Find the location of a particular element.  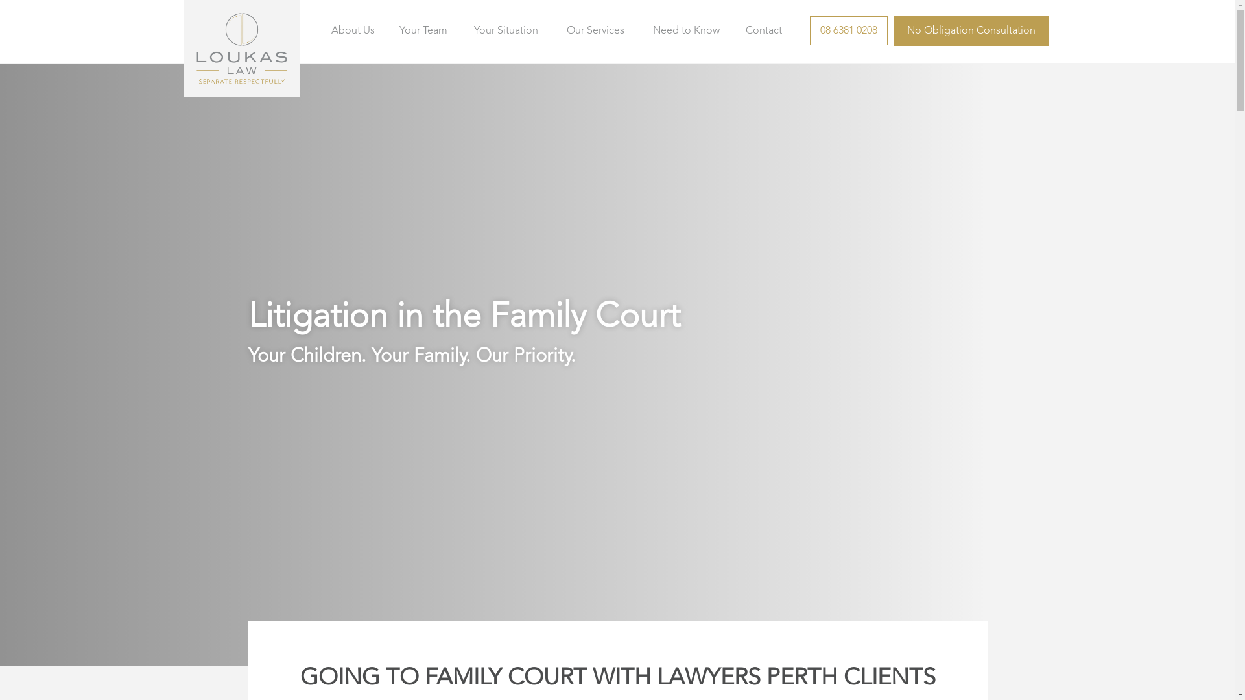

'Your Team' is located at coordinates (423, 30).